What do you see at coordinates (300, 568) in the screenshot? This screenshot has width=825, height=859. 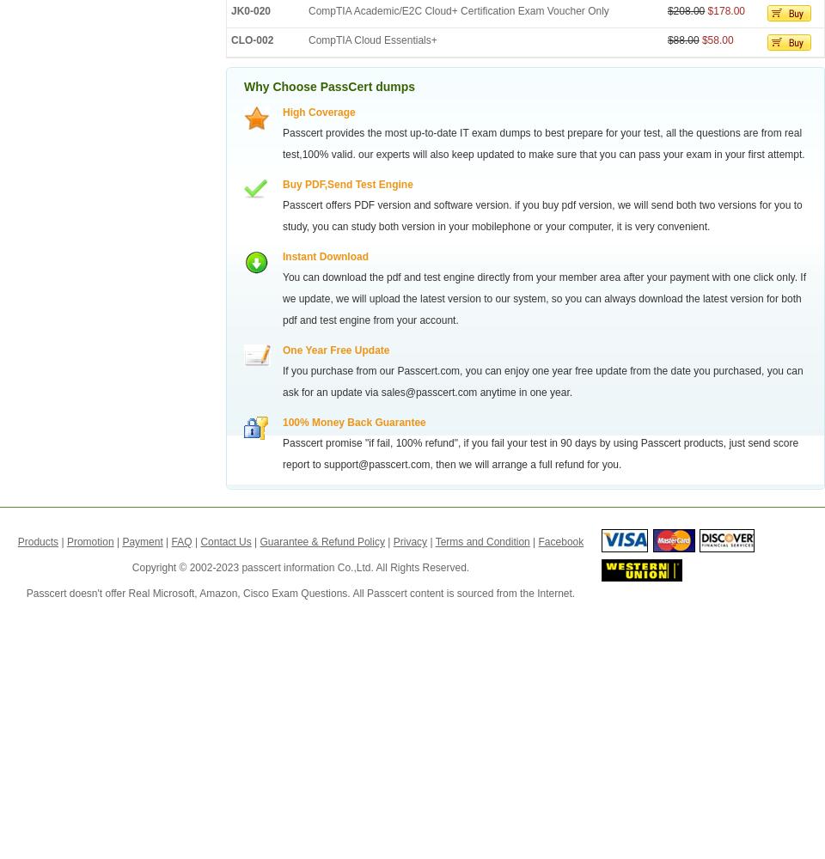 I see `'Copyright © 2002-2023 passcert information Co.,Ltd. All Rights Reserved.'` at bounding box center [300, 568].